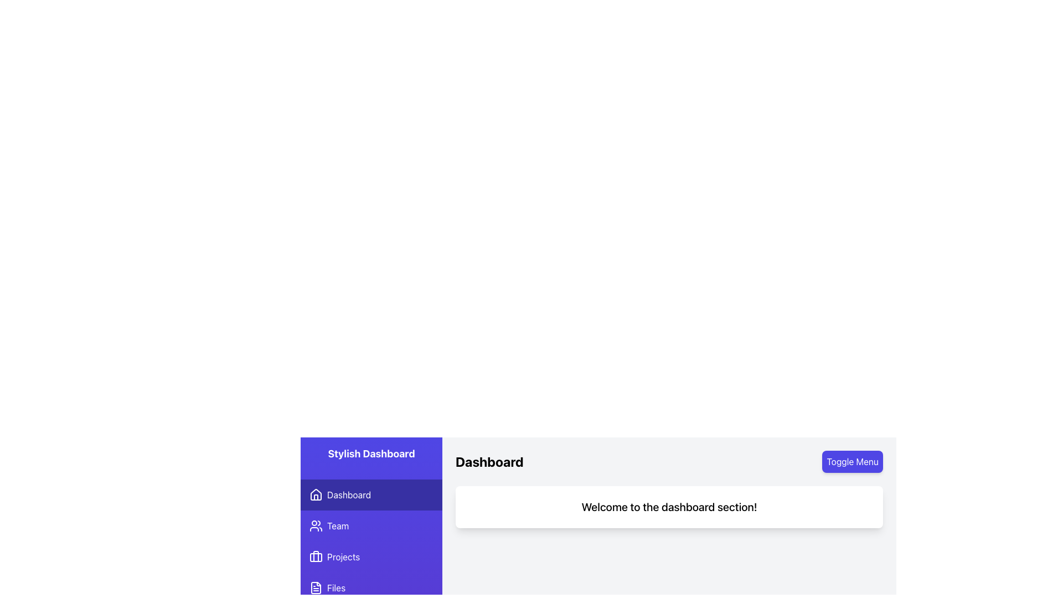 Image resolution: width=1063 pixels, height=598 pixels. What do you see at coordinates (669, 507) in the screenshot?
I see `the static text element that provides a welcoming message or title for the dashboard section, located centrally in the white rounded rectangle below the 'Dashboard' section` at bounding box center [669, 507].